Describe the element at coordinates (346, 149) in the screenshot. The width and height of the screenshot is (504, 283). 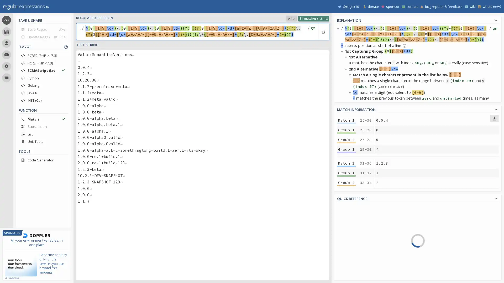
I see `Group 3` at that location.